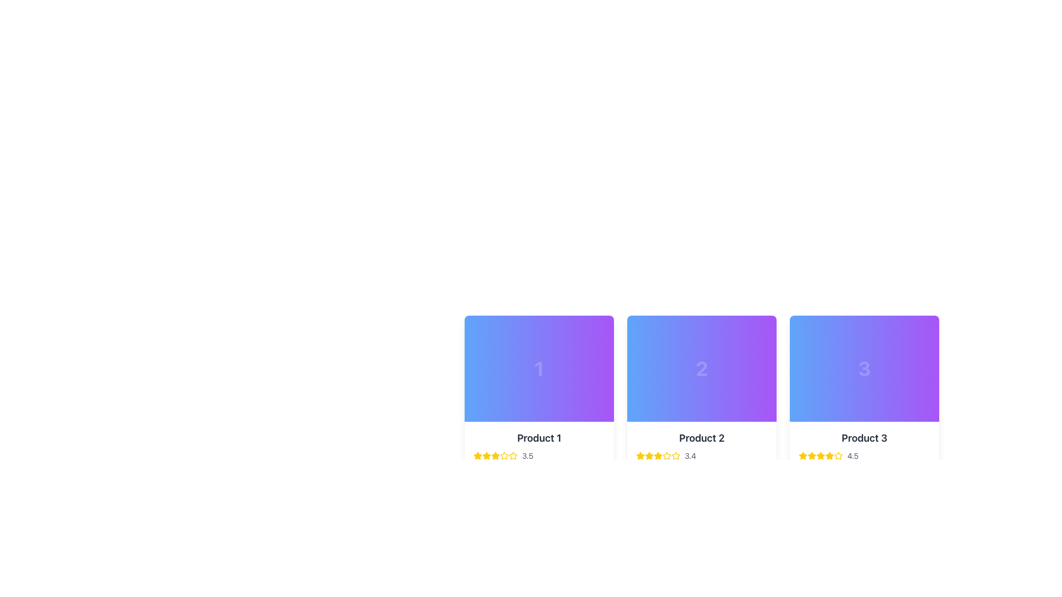  Describe the element at coordinates (495, 455) in the screenshot. I see `the third star-shaped icon in the rating system below the 'Product 1' card` at that location.